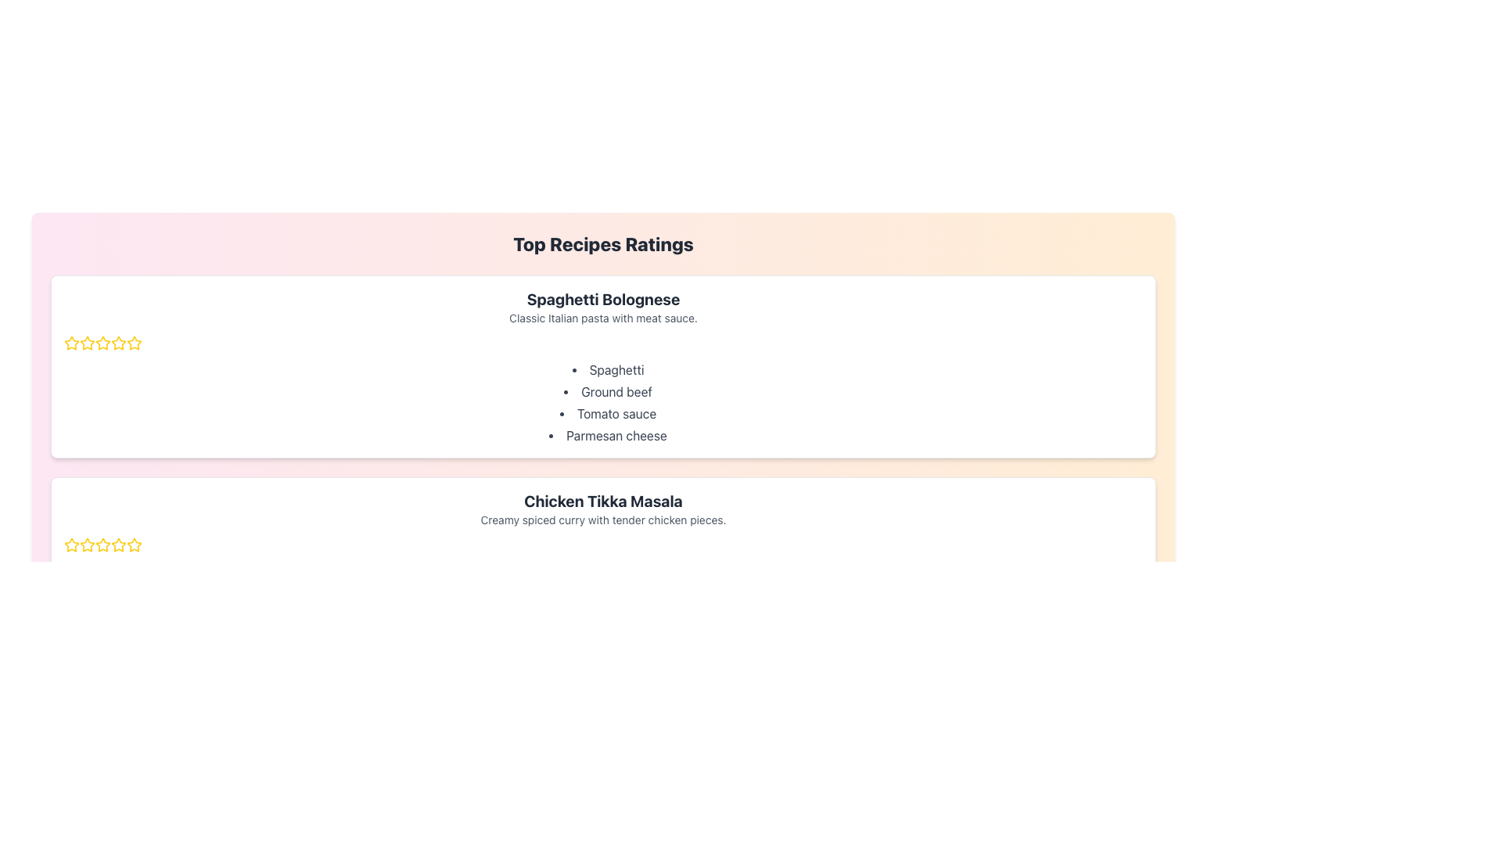 The width and height of the screenshot is (1502, 845). I want to click on the first golden outline star in the rating row for 'Chicken Tikka Masala', so click(86, 544).